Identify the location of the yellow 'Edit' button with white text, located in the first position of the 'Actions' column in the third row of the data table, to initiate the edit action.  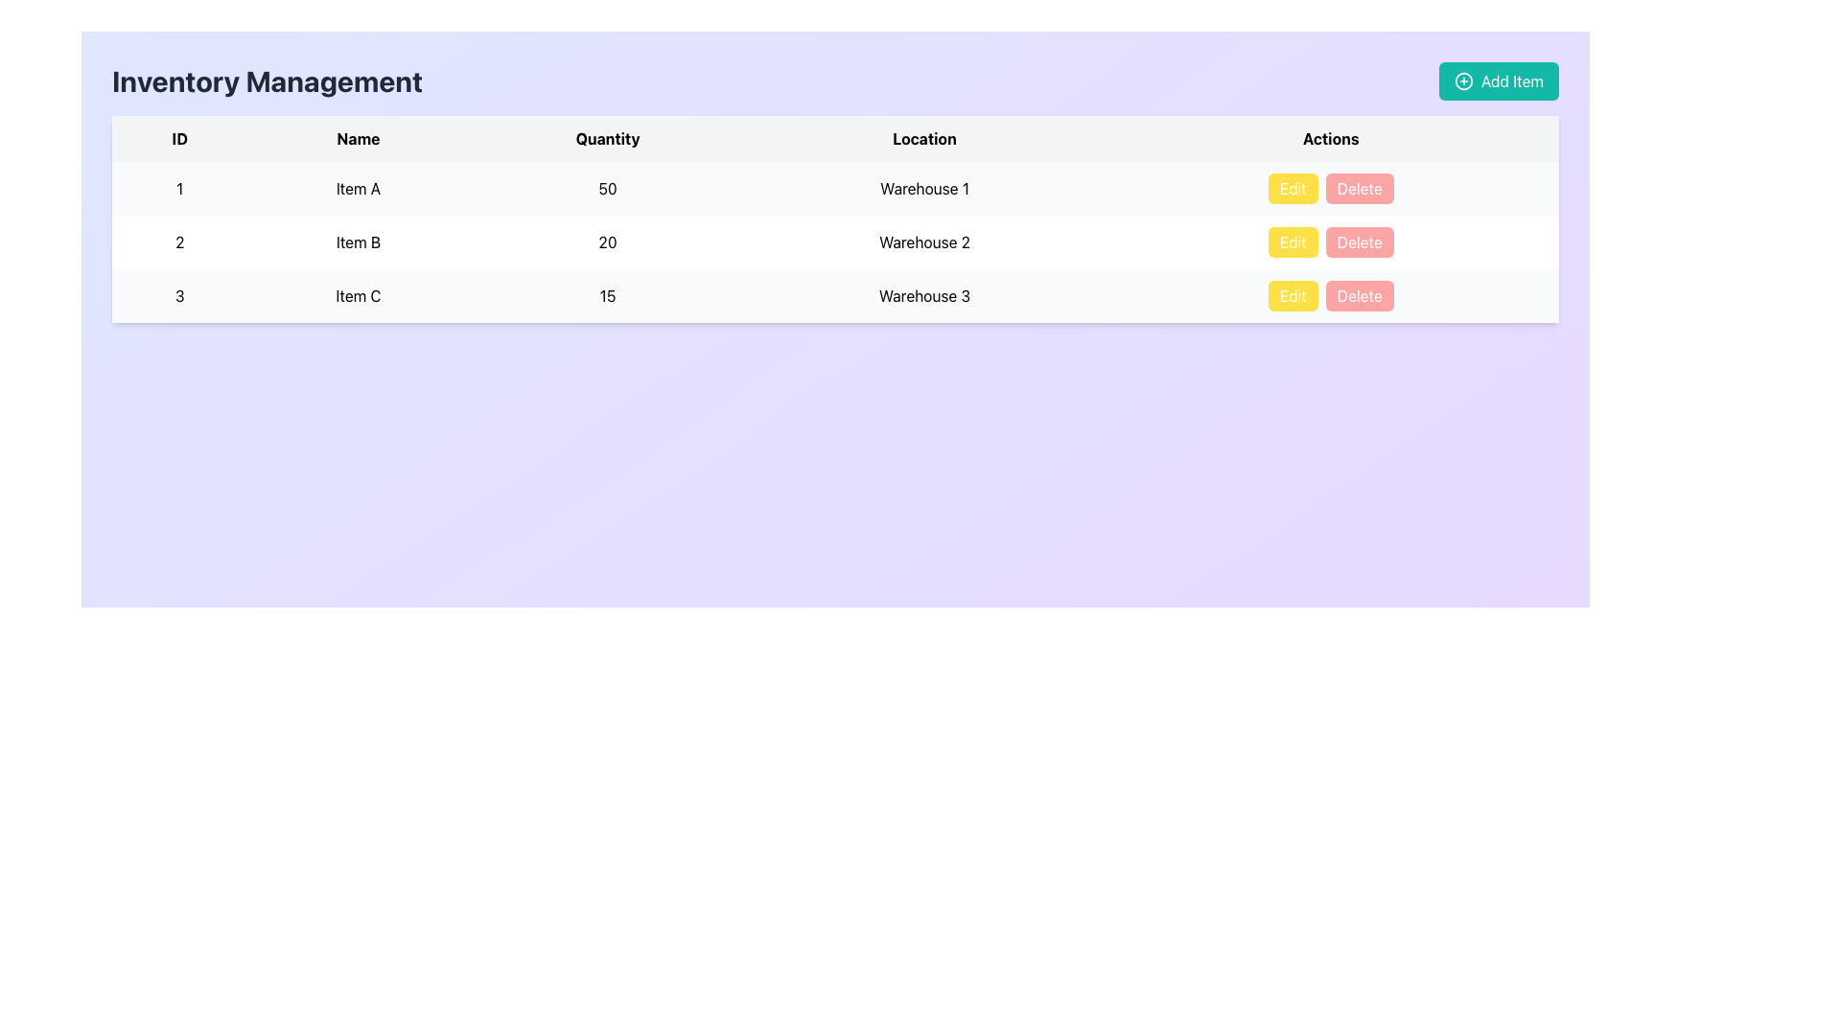
(1293, 295).